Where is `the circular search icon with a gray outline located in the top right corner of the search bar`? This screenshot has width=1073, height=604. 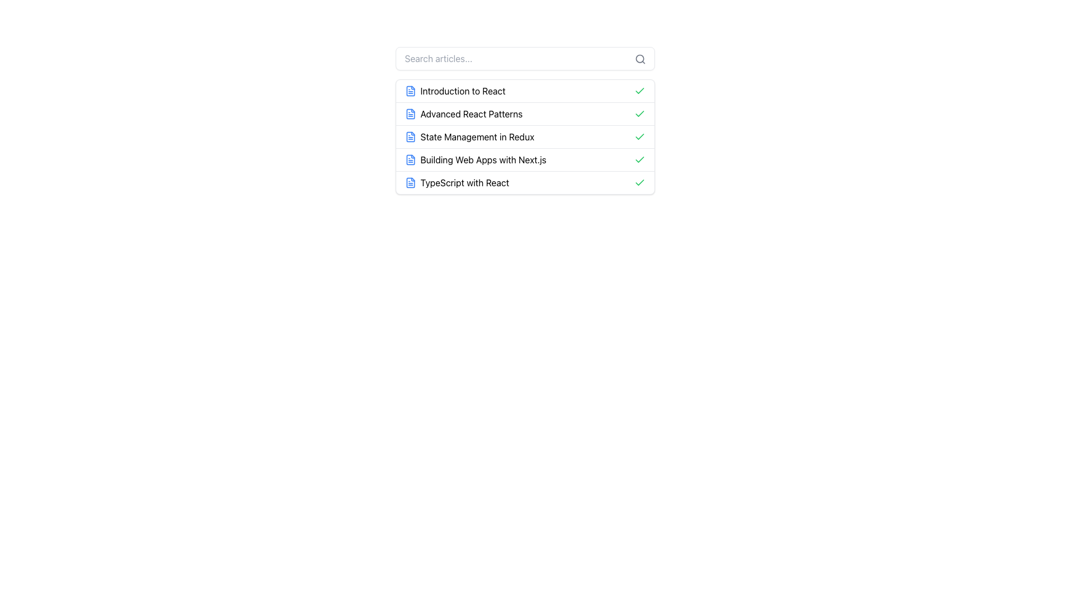 the circular search icon with a gray outline located in the top right corner of the search bar is located at coordinates (639, 59).